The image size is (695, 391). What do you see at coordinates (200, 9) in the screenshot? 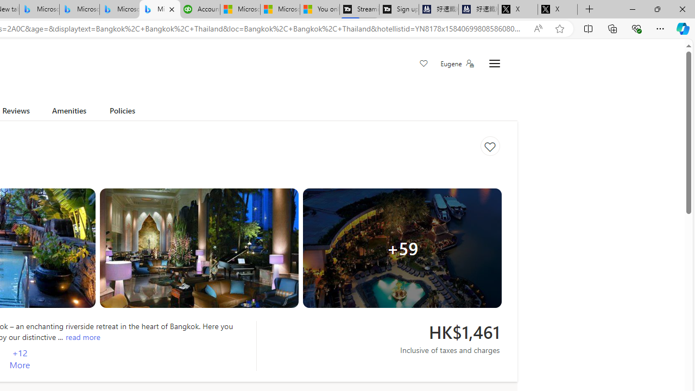
I see `'Accounting Software for Accountants, CPAs and Bookkeepers'` at bounding box center [200, 9].